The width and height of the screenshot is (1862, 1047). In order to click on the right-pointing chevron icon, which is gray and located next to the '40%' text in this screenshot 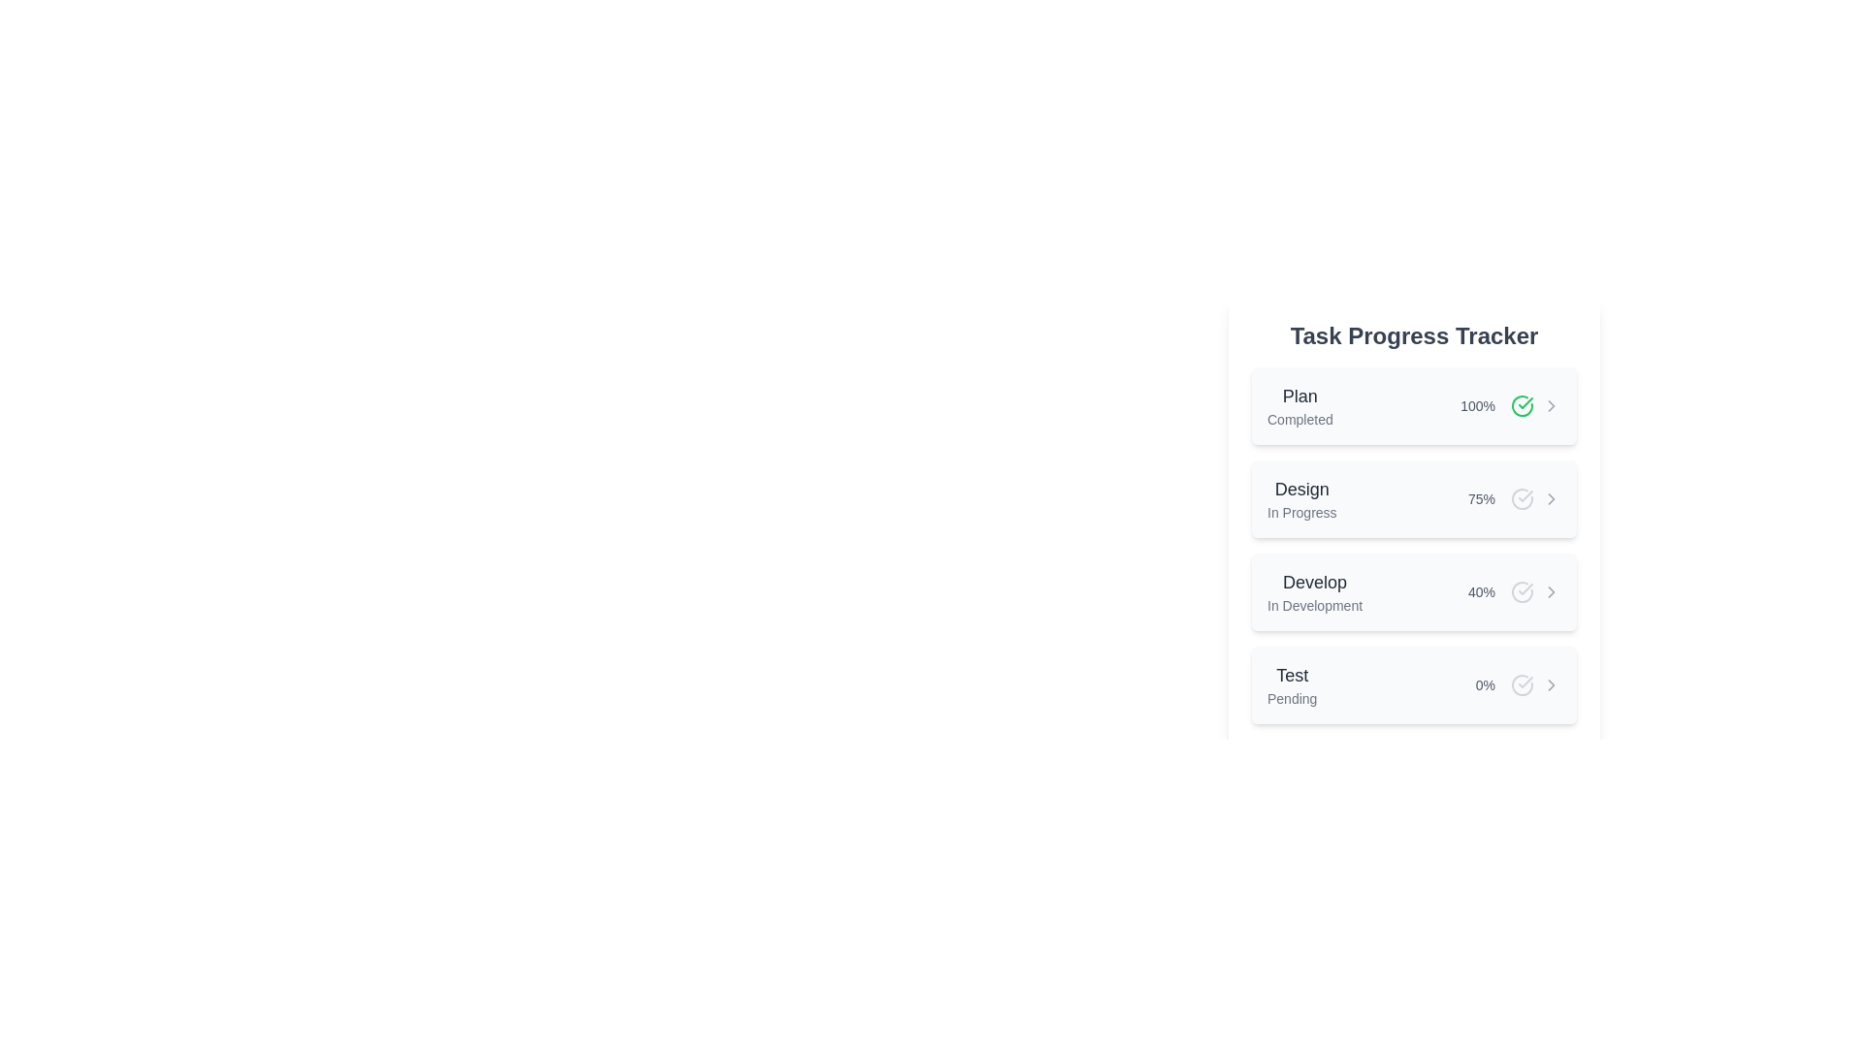, I will do `click(1550, 590)`.